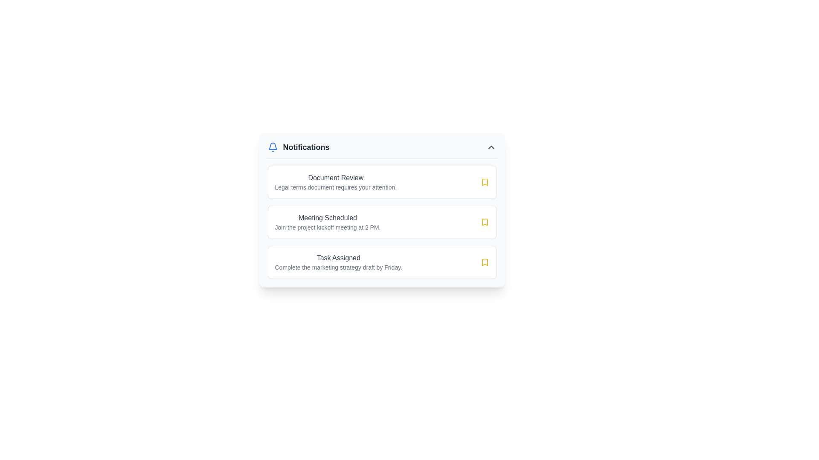 The width and height of the screenshot is (819, 460). Describe the element at coordinates (338, 262) in the screenshot. I see `the notification content block displaying task-related information, which is the third item in the vertical list within the 'Notifications' section` at that location.